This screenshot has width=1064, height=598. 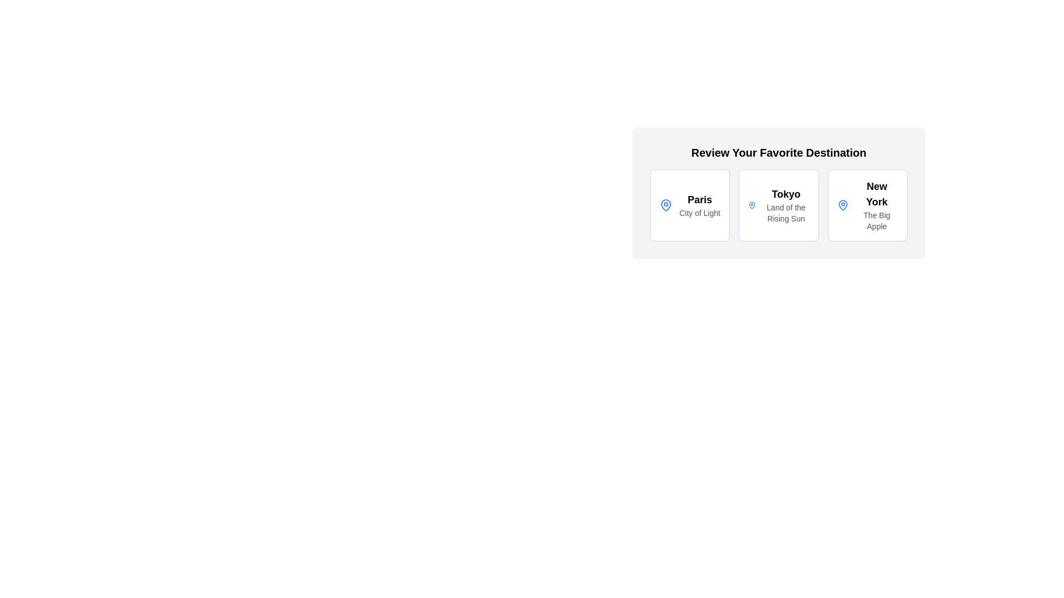 I want to click on the button-like card representing 'New York', so click(x=867, y=205).